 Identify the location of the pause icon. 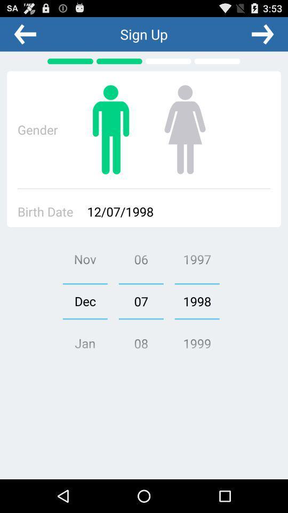
(110, 138).